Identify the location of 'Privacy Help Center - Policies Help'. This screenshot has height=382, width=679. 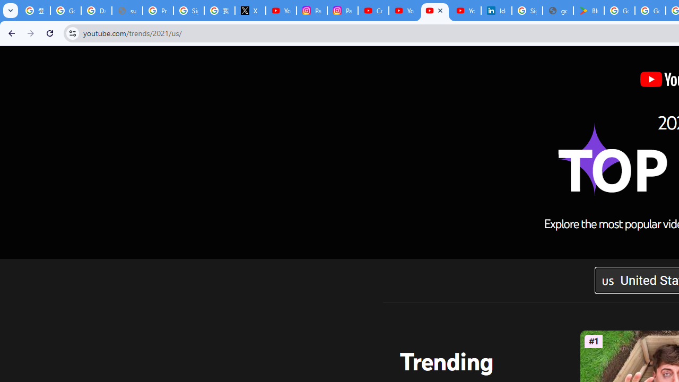
(157, 11).